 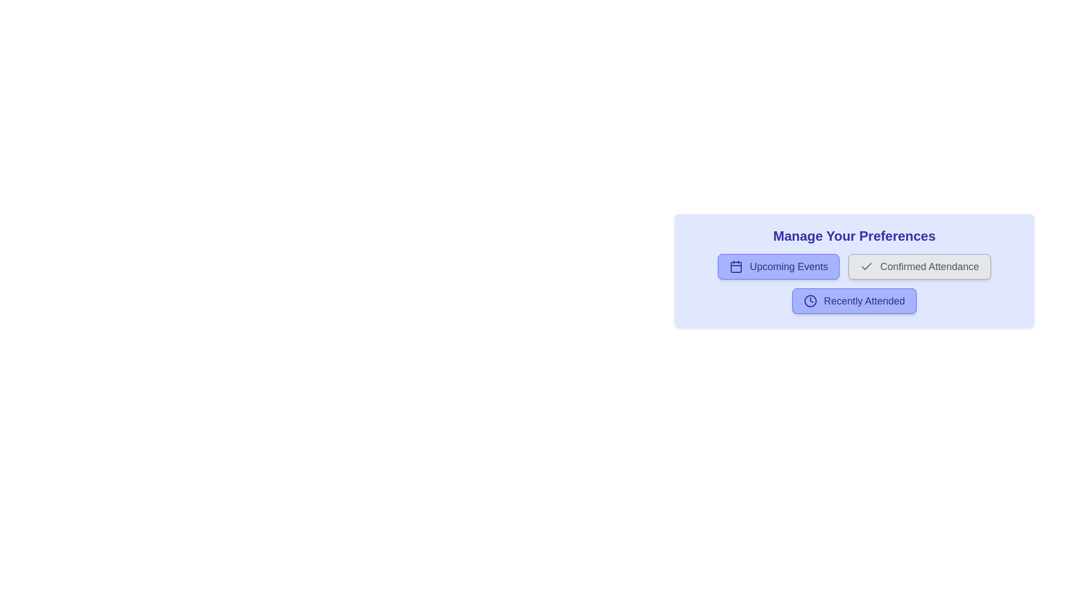 What do you see at coordinates (810, 301) in the screenshot?
I see `the icon of the Recently Attended button to toggle its state` at bounding box center [810, 301].